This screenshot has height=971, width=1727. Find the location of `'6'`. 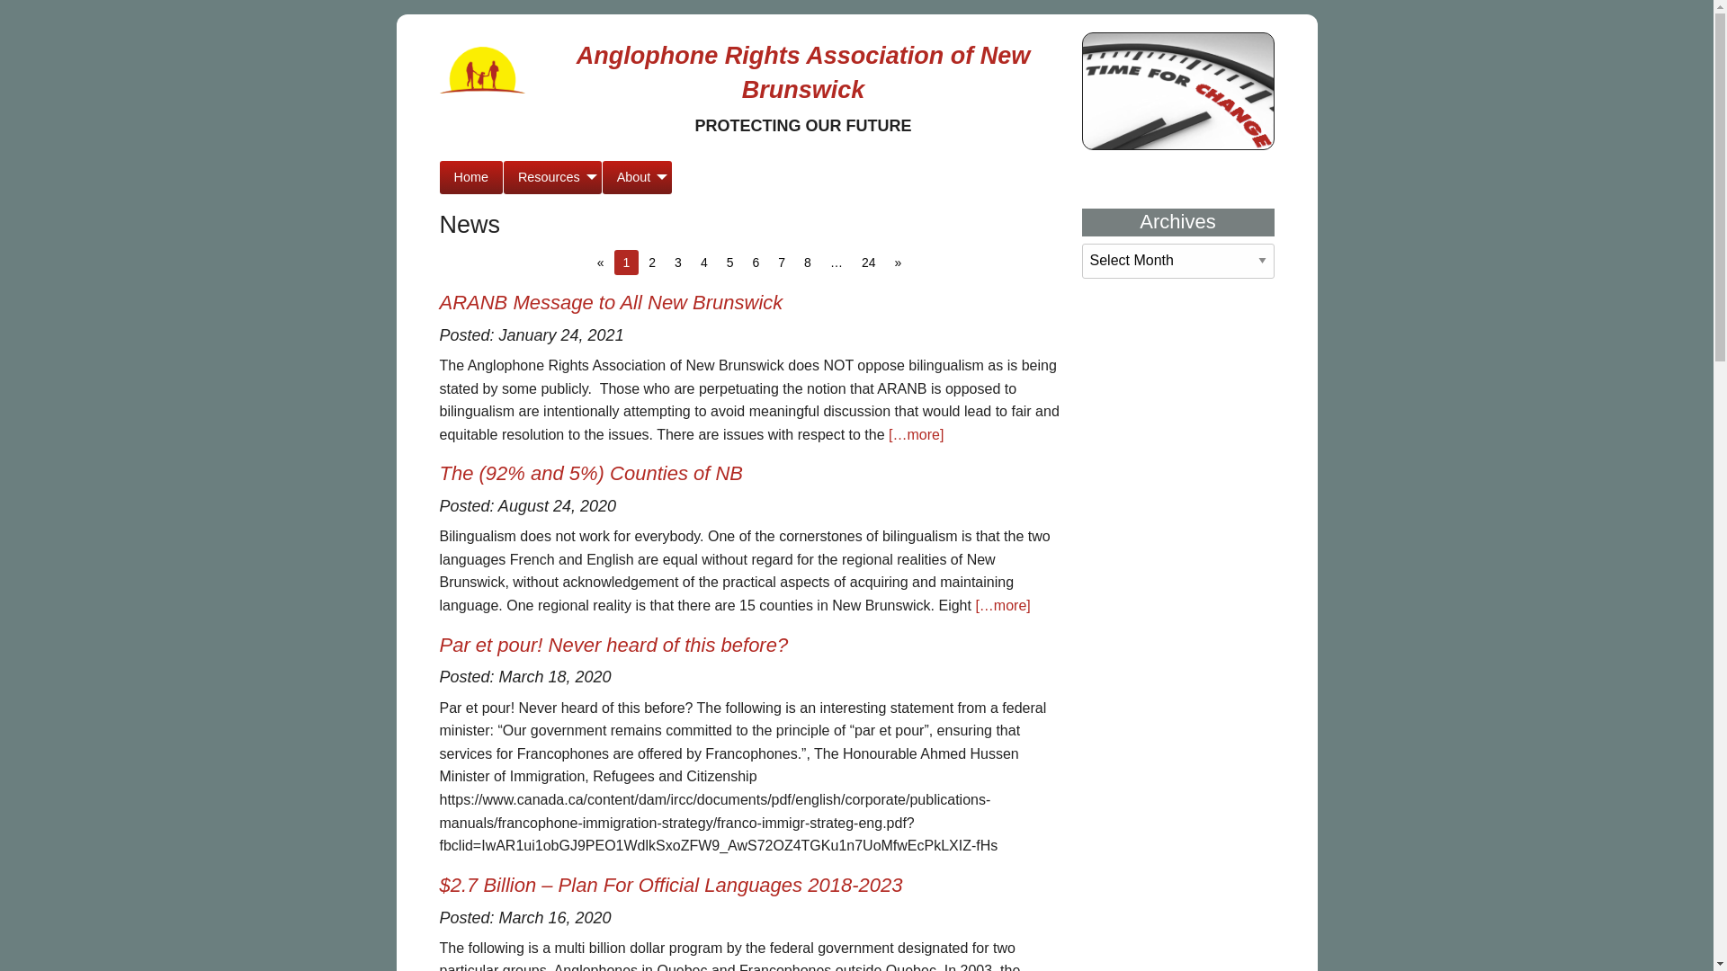

'6' is located at coordinates (742, 263).